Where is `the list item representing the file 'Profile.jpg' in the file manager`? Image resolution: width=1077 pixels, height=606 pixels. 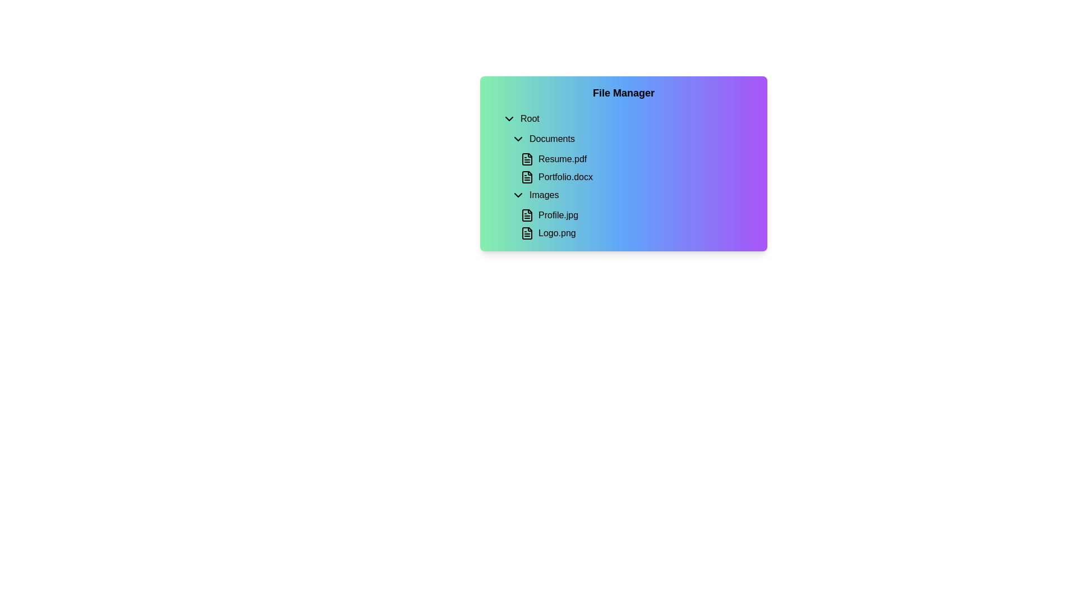 the list item representing the file 'Profile.jpg' in the file manager is located at coordinates (633, 215).